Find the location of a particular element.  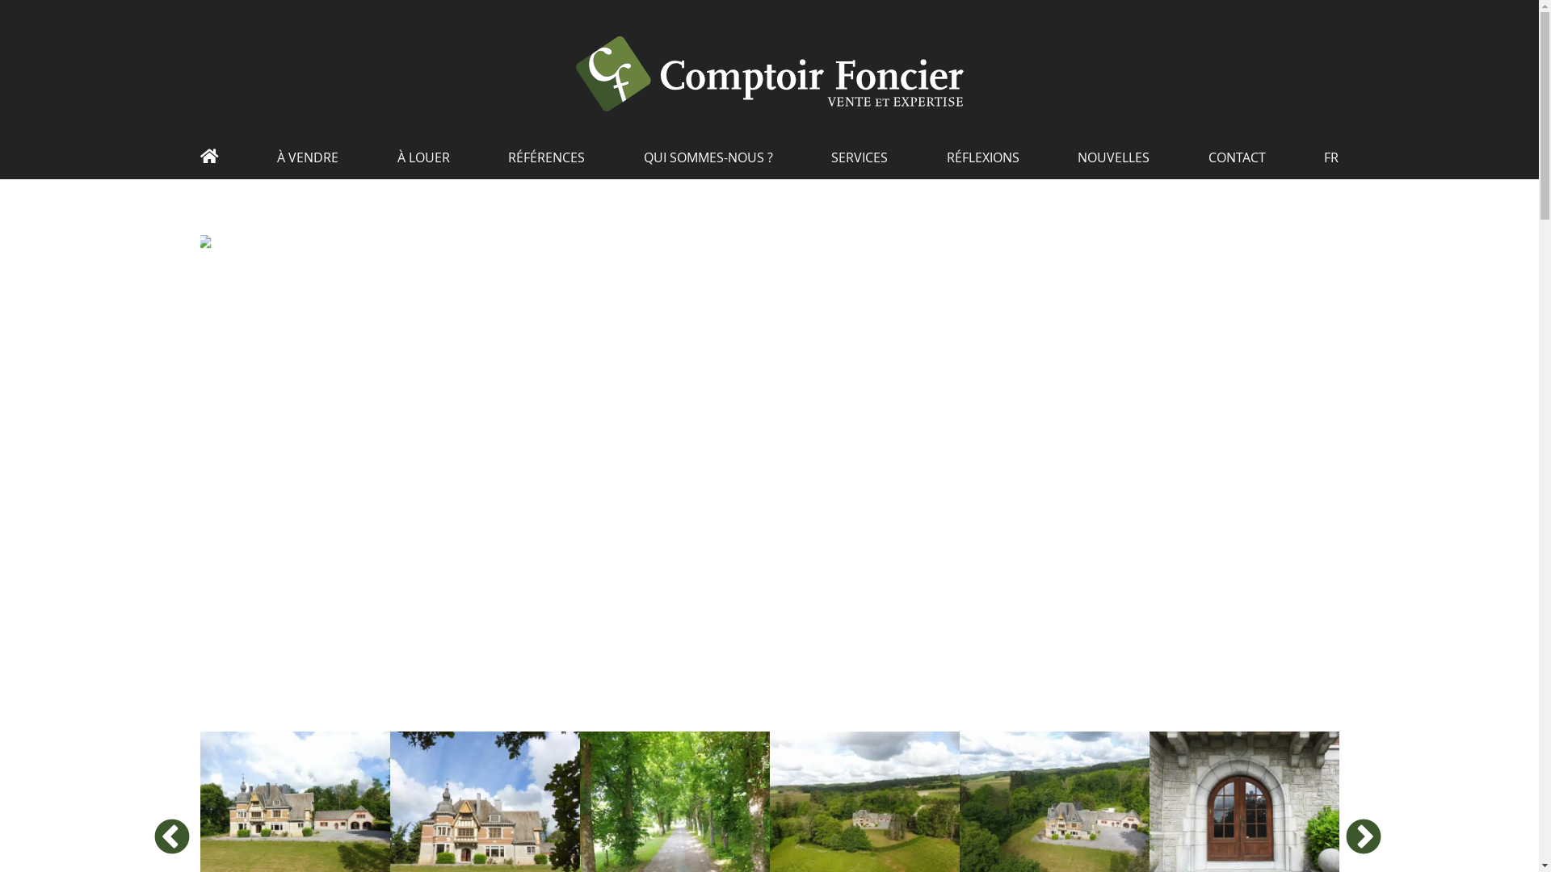

'FR' is located at coordinates (1330, 163).